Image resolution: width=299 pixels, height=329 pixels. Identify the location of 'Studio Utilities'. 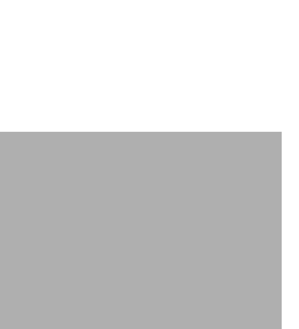
(59, 215).